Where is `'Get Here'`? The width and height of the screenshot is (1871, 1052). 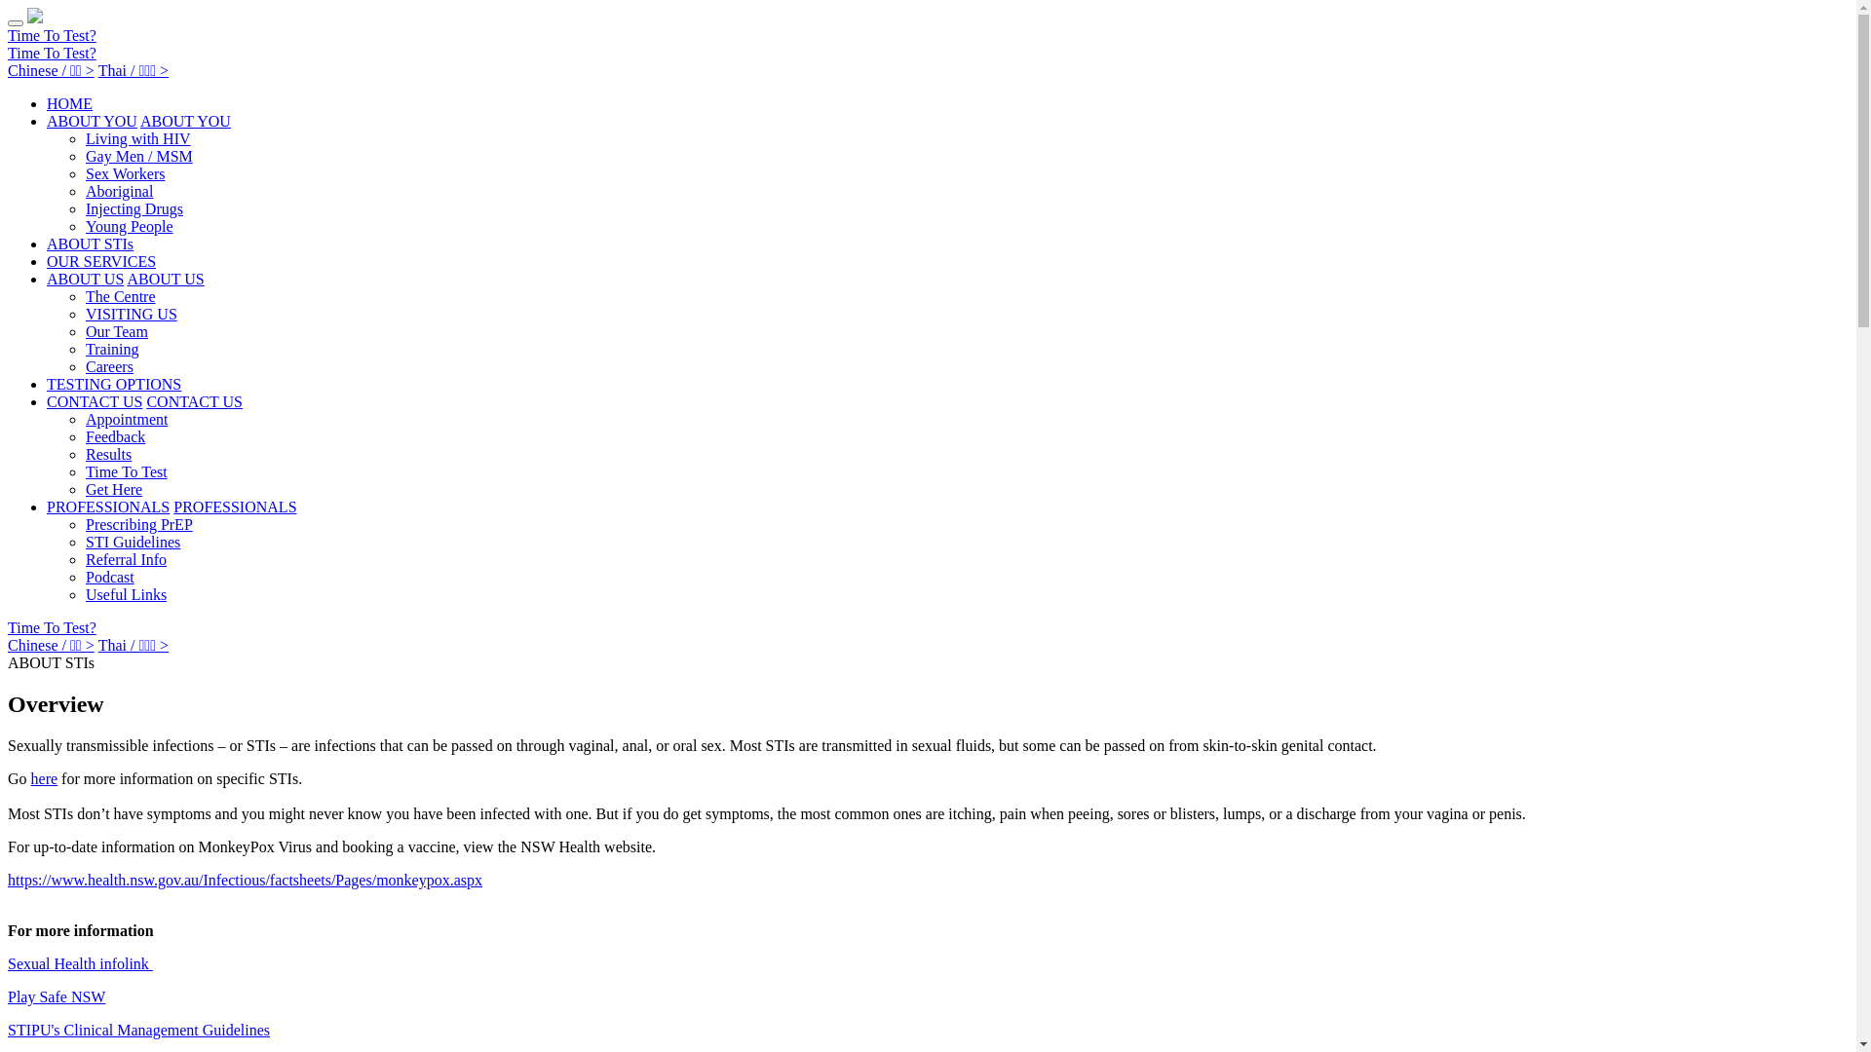 'Get Here' is located at coordinates (112, 488).